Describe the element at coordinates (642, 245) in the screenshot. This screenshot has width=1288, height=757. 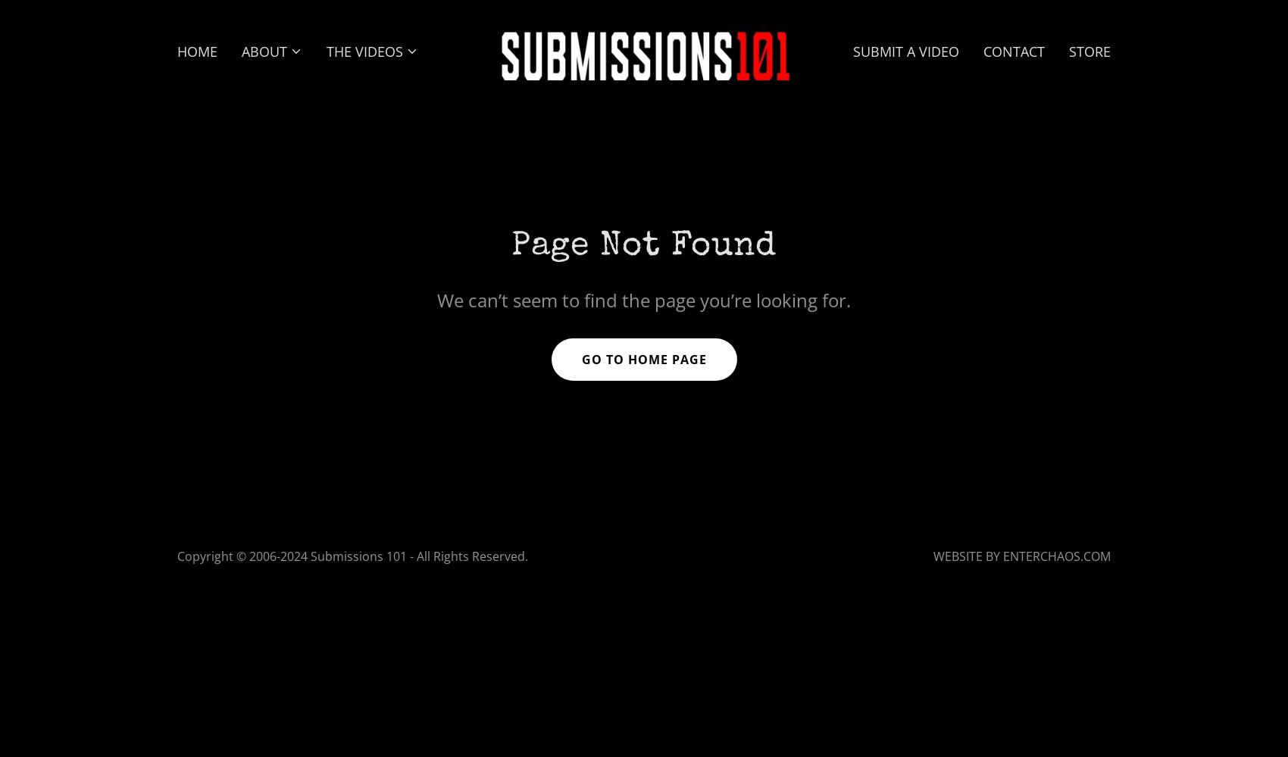
I see `'Page Not Found'` at that location.